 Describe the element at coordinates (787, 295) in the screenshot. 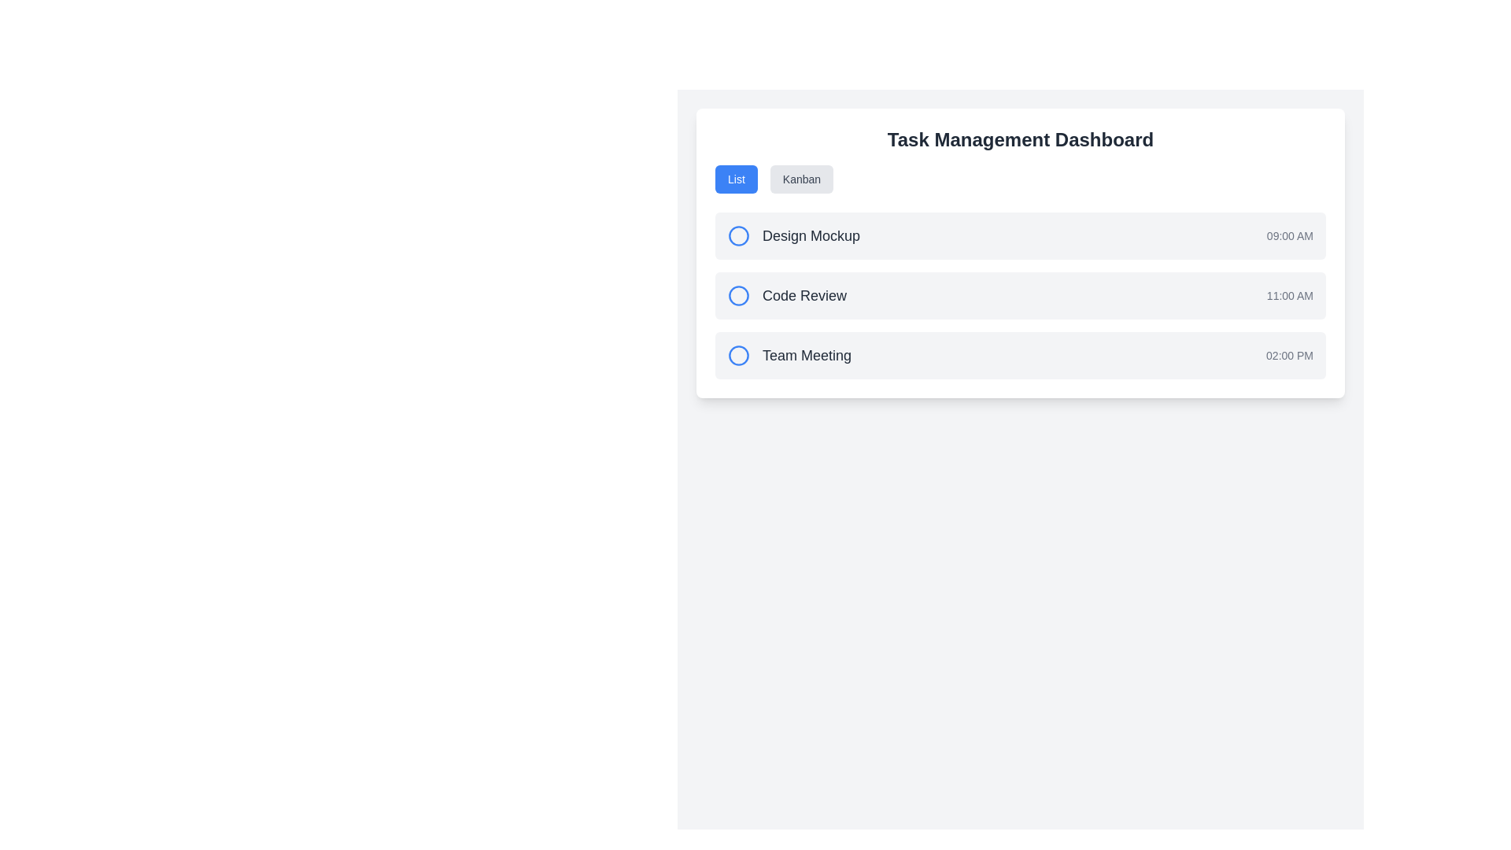

I see `the 'Code Review' text label, which is styled with a medium-weight font in gray-black color and located next to a circular blue icon within the second task card in the dashboard` at that location.